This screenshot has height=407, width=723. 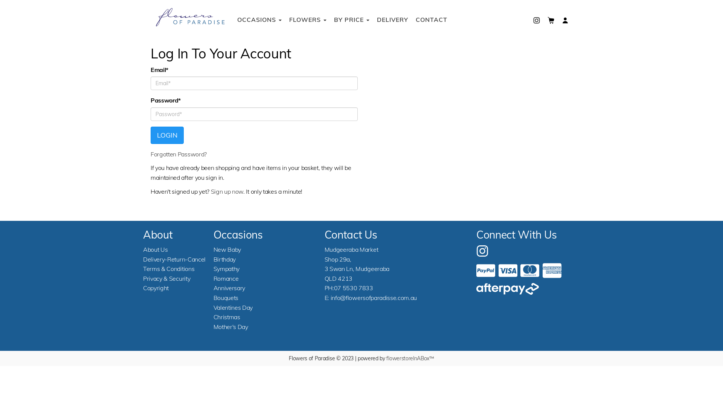 I want to click on 'FLOWERS', so click(x=285, y=19).